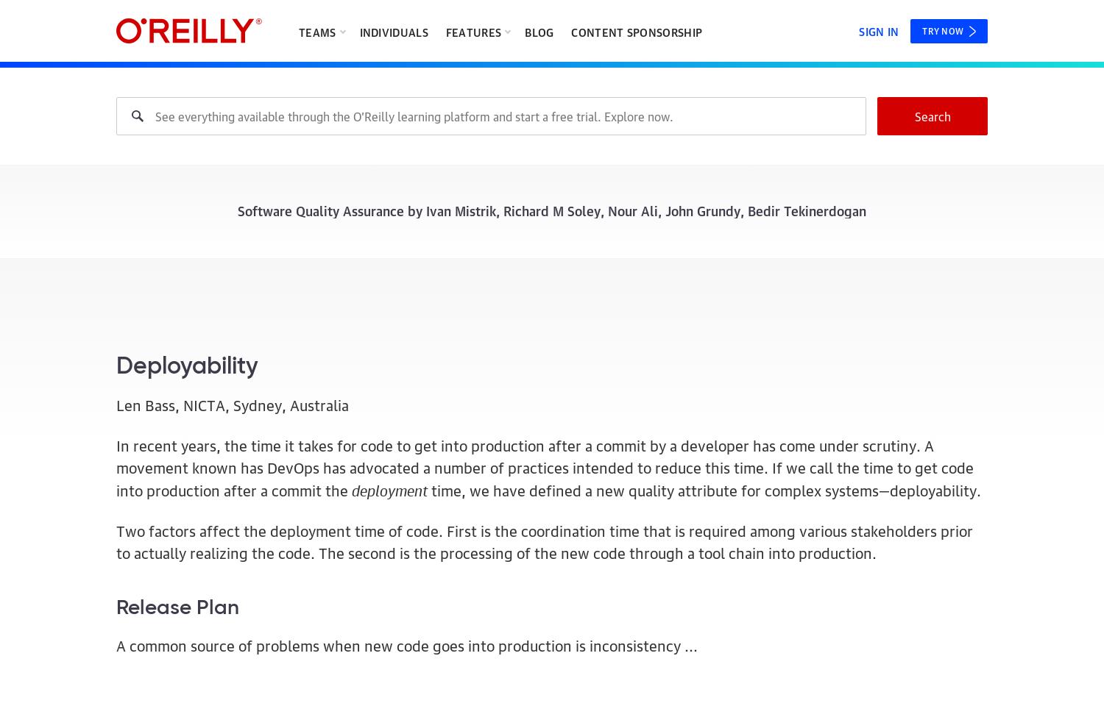 The width and height of the screenshot is (1104, 706). I want to click on 'Len Bass,', so click(149, 404).